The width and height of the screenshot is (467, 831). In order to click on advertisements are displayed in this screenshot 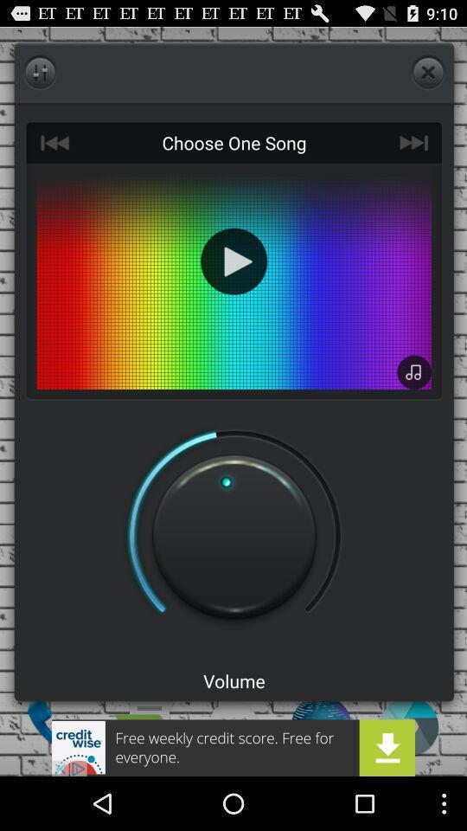, I will do `click(233, 747)`.